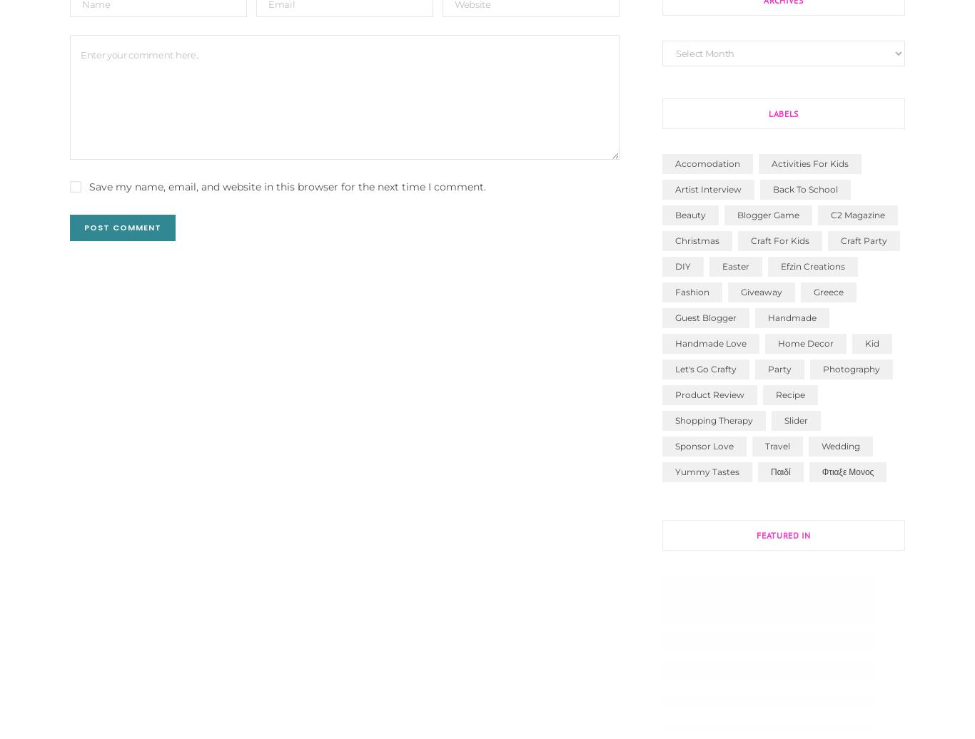 Image resolution: width=975 pixels, height=739 pixels. Describe the element at coordinates (782, 534) in the screenshot. I see `'Featured in'` at that location.